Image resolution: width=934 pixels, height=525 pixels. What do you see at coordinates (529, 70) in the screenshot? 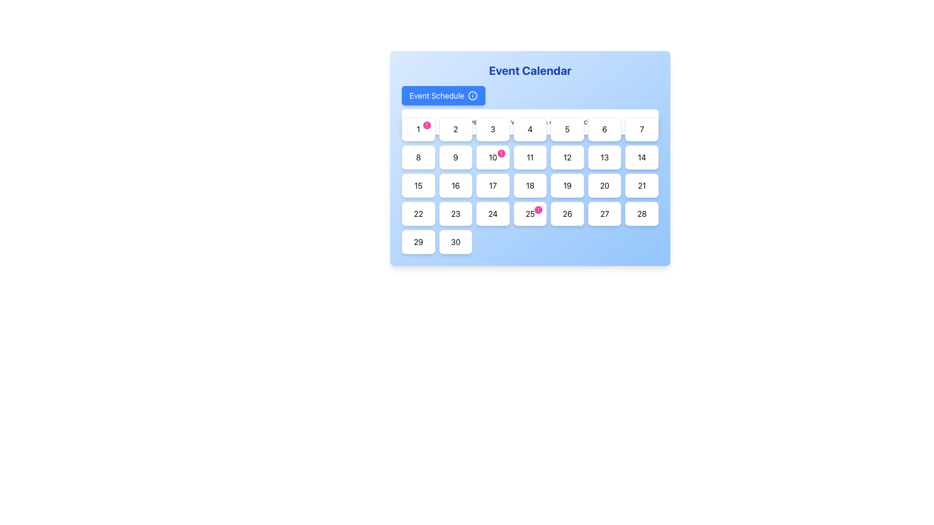
I see `the 'Event Calendar' text label, which is displayed in bold, blue text, located at the top of the calendar interface above the 'Event Schedule' button` at bounding box center [529, 70].